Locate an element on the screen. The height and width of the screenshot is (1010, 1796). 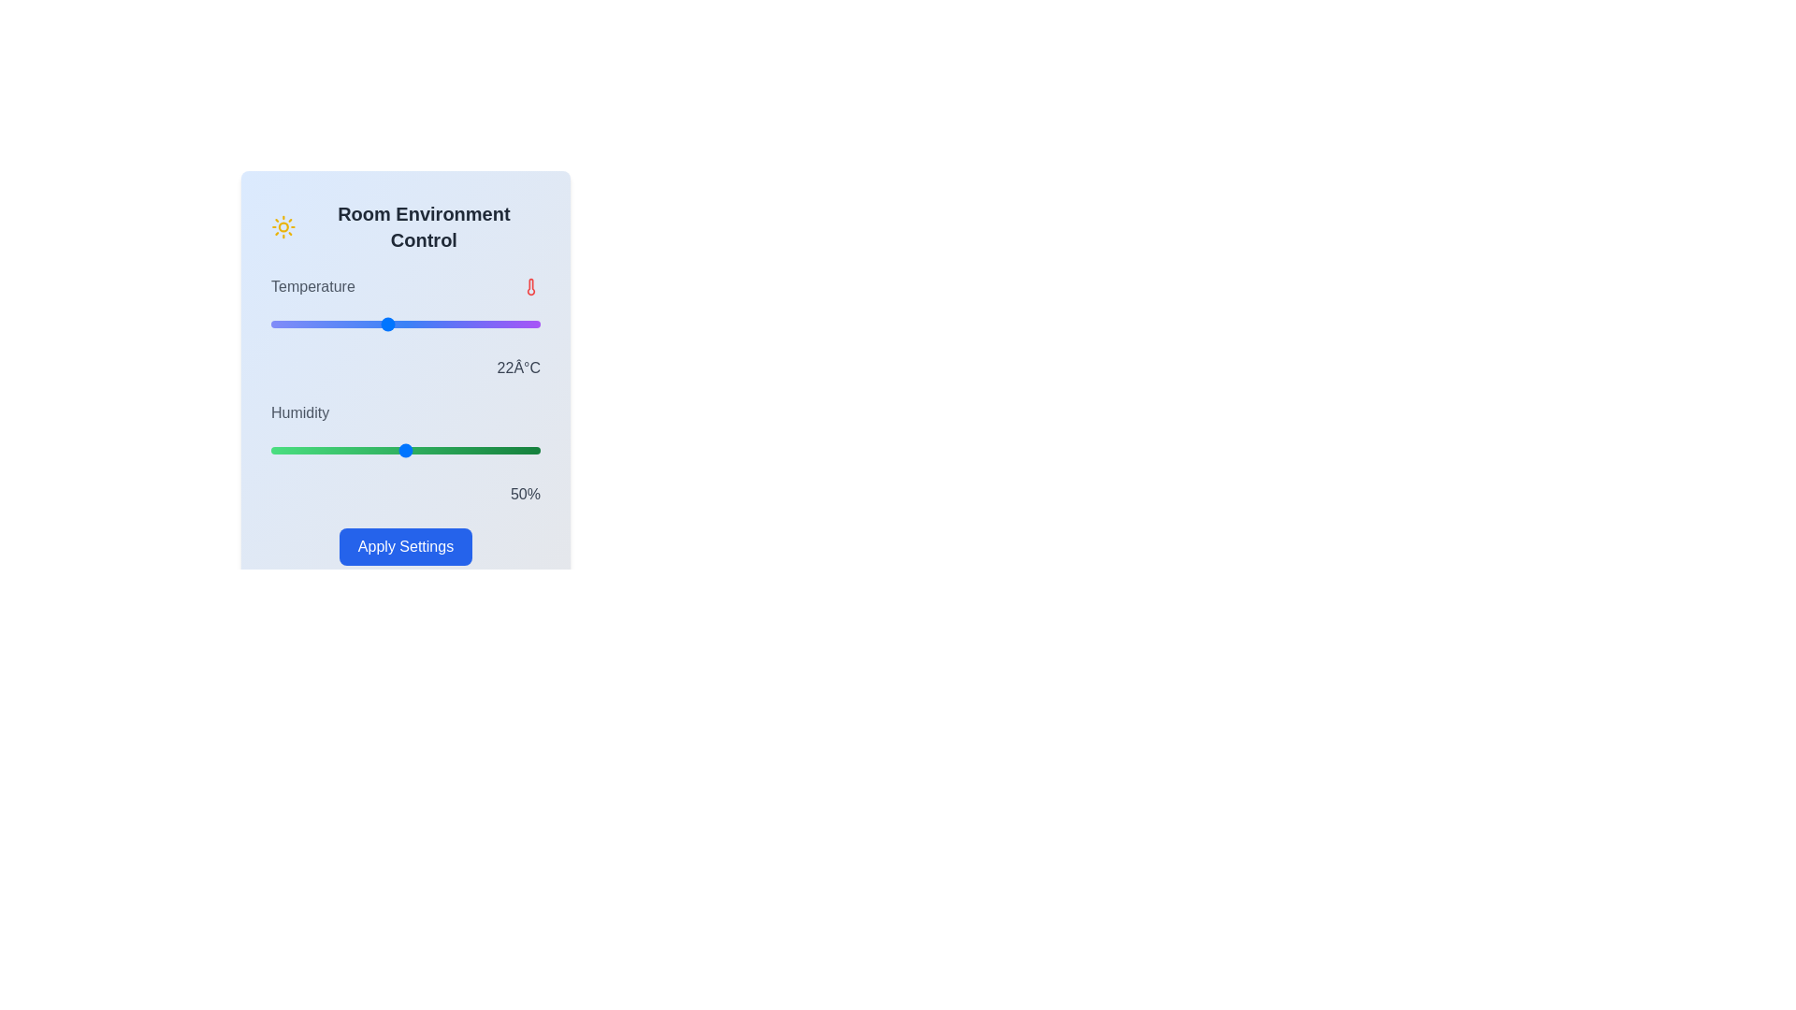
the humidity slider to set the humidity to 32% is located at coordinates (357, 451).